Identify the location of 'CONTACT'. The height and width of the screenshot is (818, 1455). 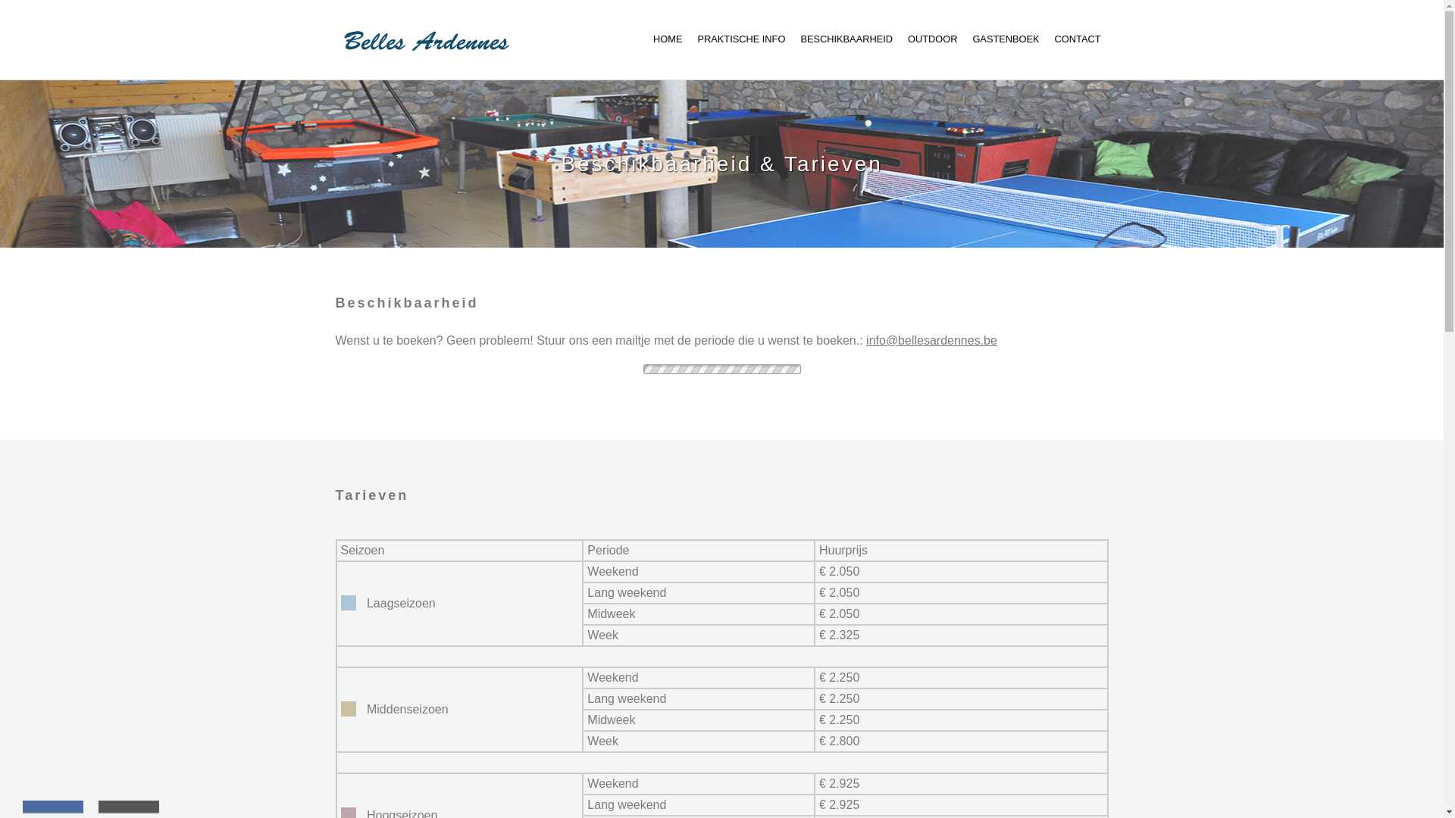
(1054, 38).